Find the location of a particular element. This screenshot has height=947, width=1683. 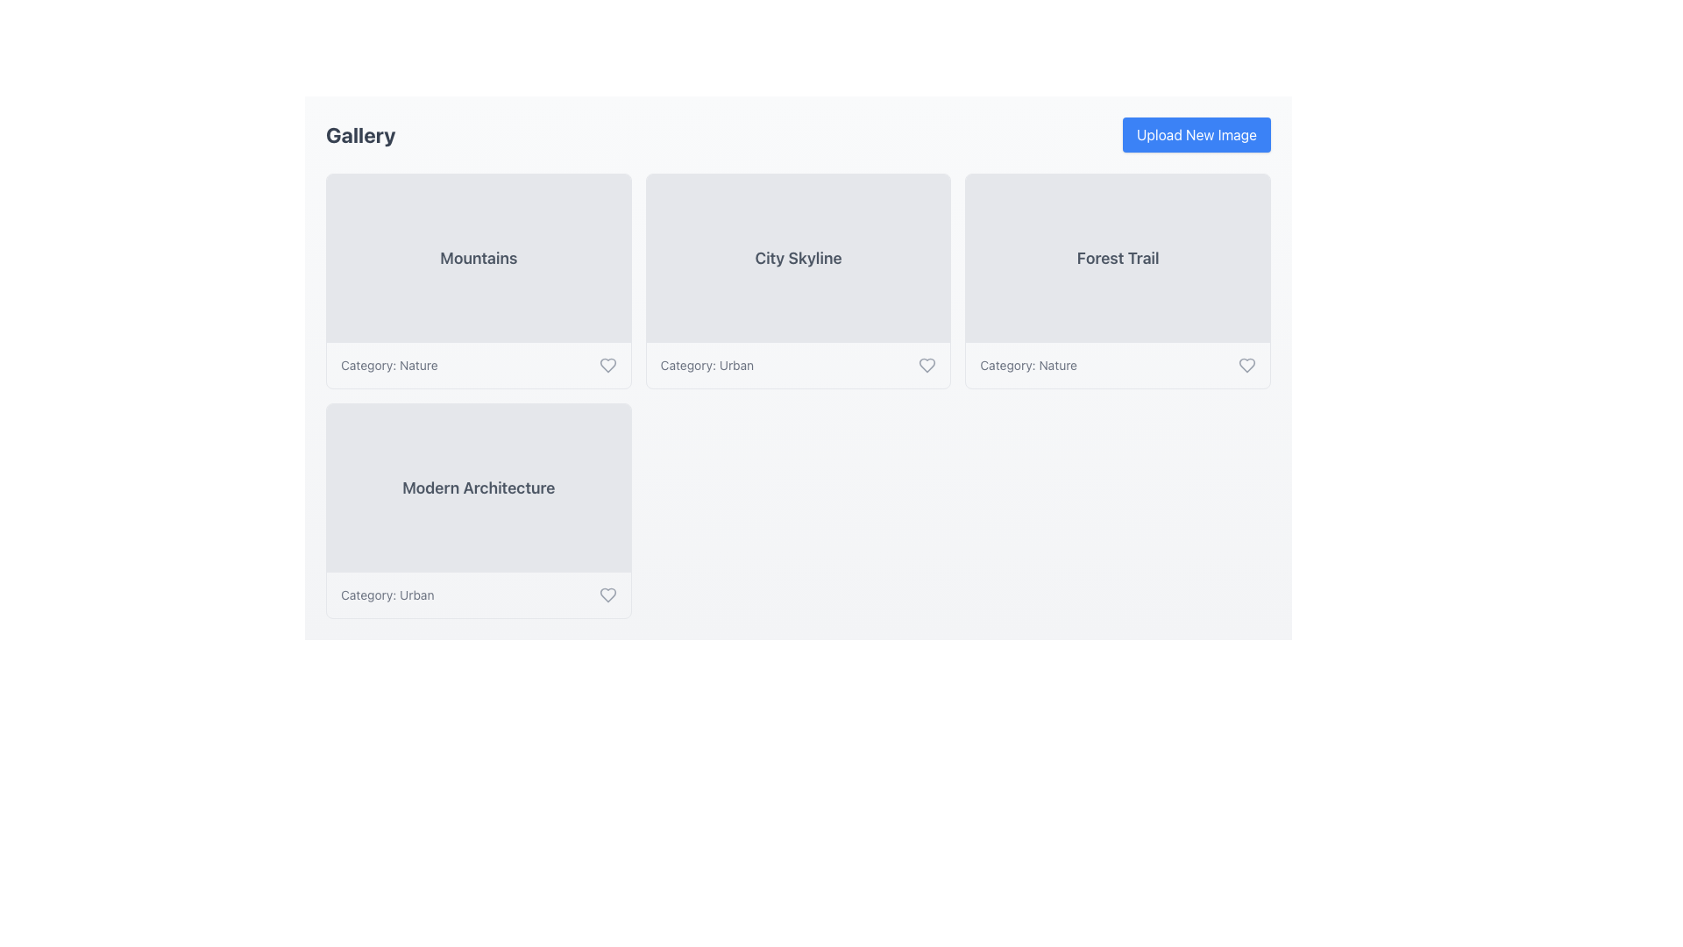

the static text display that serves as the title for the card, labeled 'Modern Architecture', located in the second row, first column of the grid layout beneath the 'Gallery' label is located at coordinates (479, 488).